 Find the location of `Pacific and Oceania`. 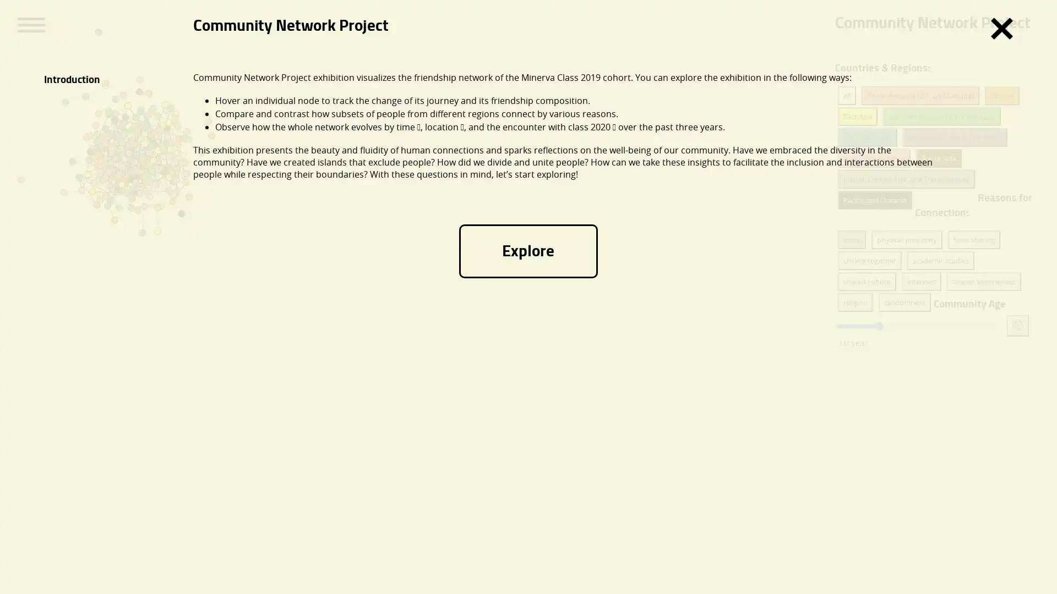

Pacific and Oceania is located at coordinates (874, 199).